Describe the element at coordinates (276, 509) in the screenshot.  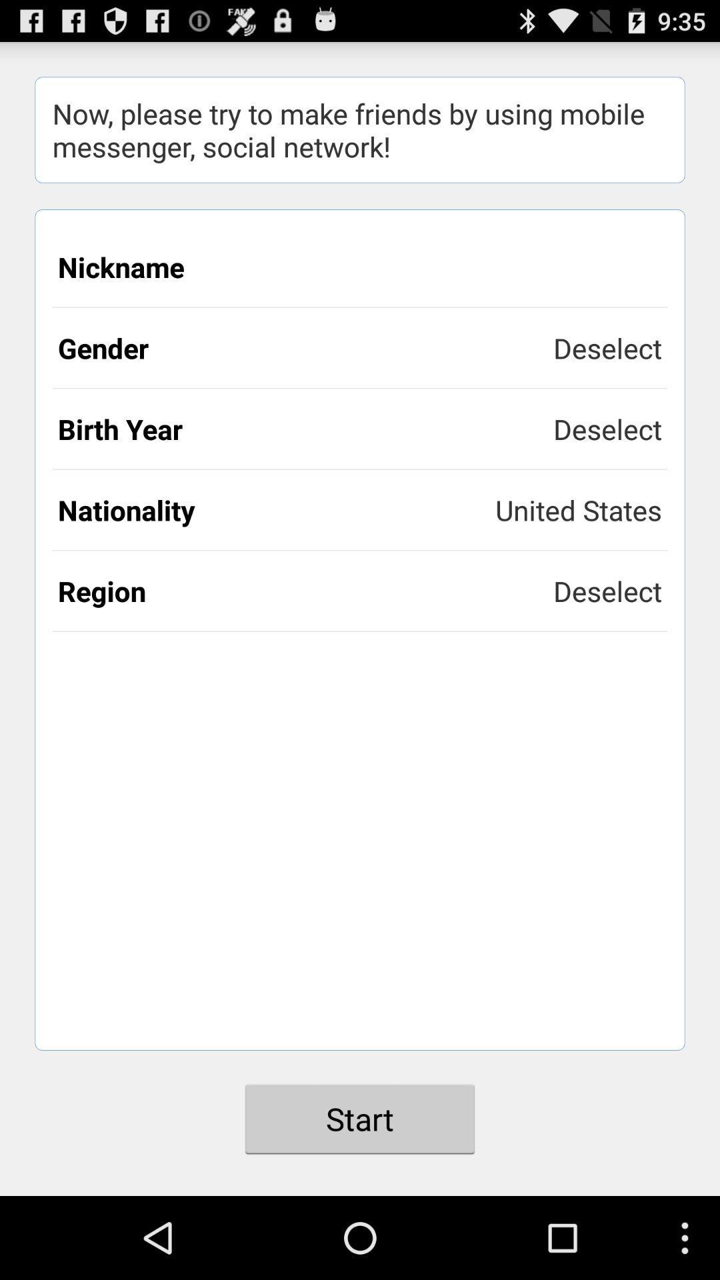
I see `app above the region` at that location.